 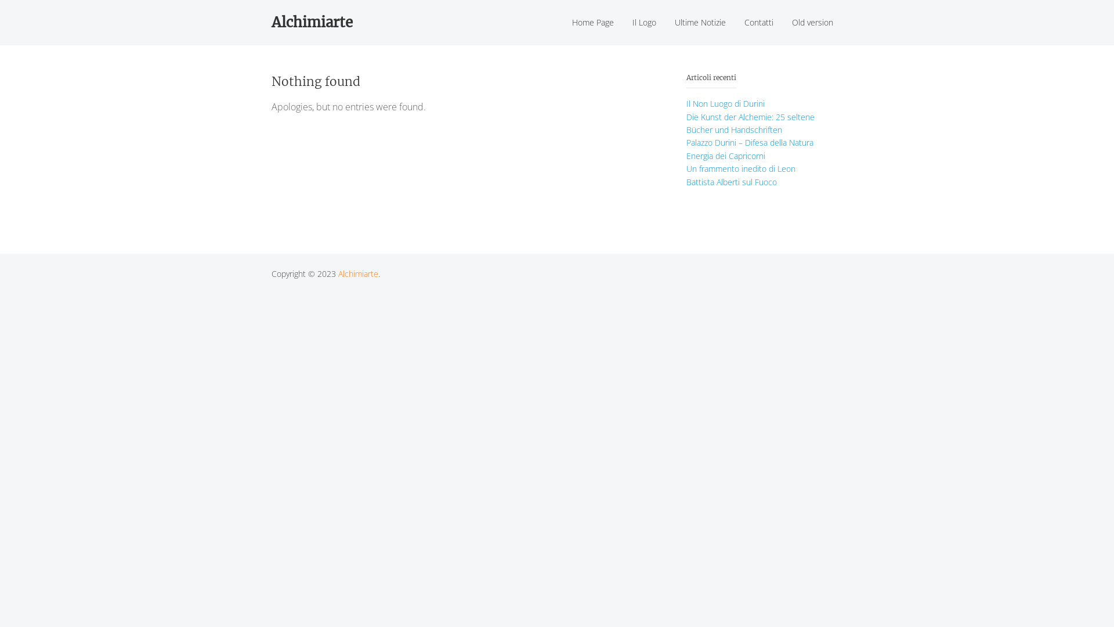 What do you see at coordinates (812, 22) in the screenshot?
I see `'Old version'` at bounding box center [812, 22].